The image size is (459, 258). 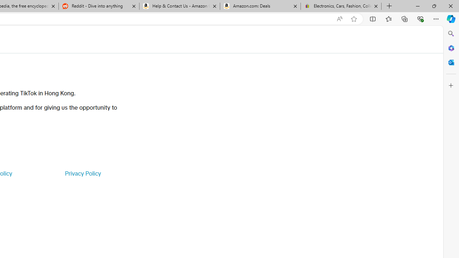 I want to click on 'Minimize', so click(x=417, y=6).